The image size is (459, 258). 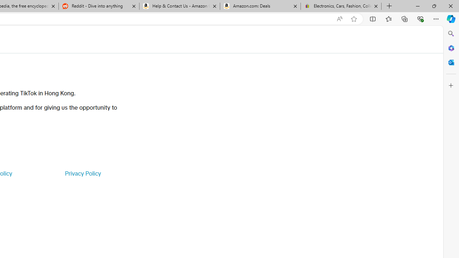 I want to click on 'Minimize', so click(x=417, y=6).